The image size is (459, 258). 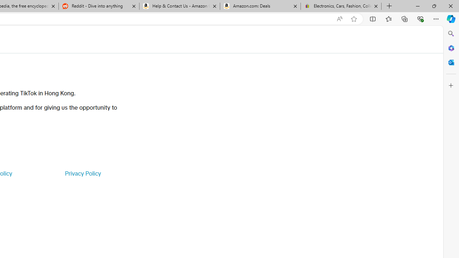 I want to click on 'Minimize', so click(x=417, y=6).